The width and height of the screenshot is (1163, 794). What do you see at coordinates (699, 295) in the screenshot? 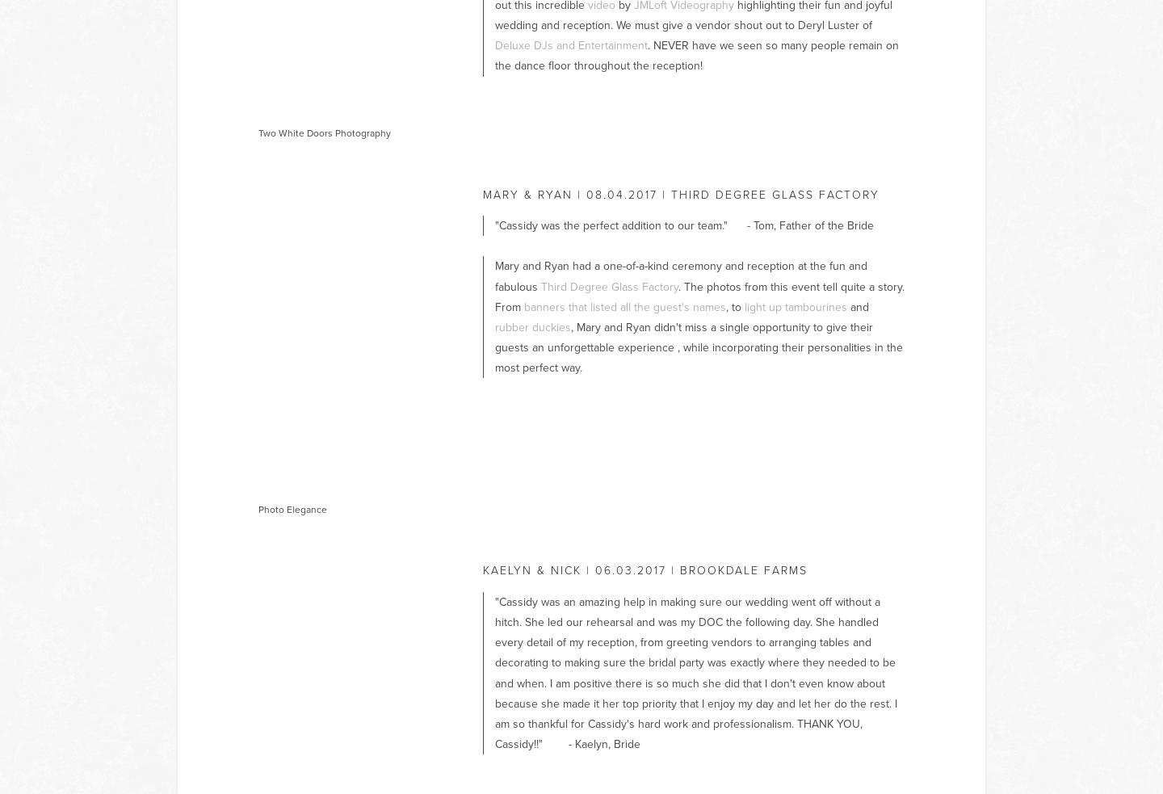
I see `'. The photos from this event tell quite a story. From'` at bounding box center [699, 295].